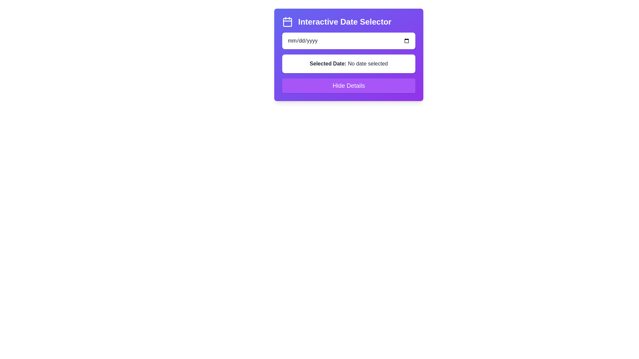  Describe the element at coordinates (348, 64) in the screenshot. I see `the text label displaying 'Selected Date: No date selected.' which is located under the date input field and above the 'Hide Details' button` at that location.